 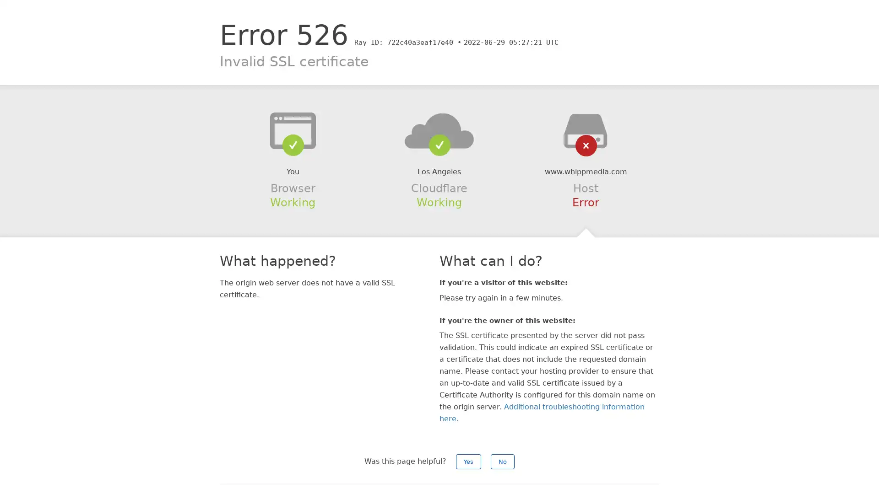 I want to click on Yes, so click(x=468, y=462).